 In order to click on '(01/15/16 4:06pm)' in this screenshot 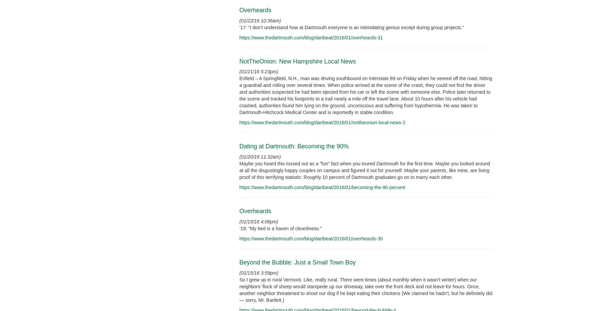, I will do `click(258, 221)`.